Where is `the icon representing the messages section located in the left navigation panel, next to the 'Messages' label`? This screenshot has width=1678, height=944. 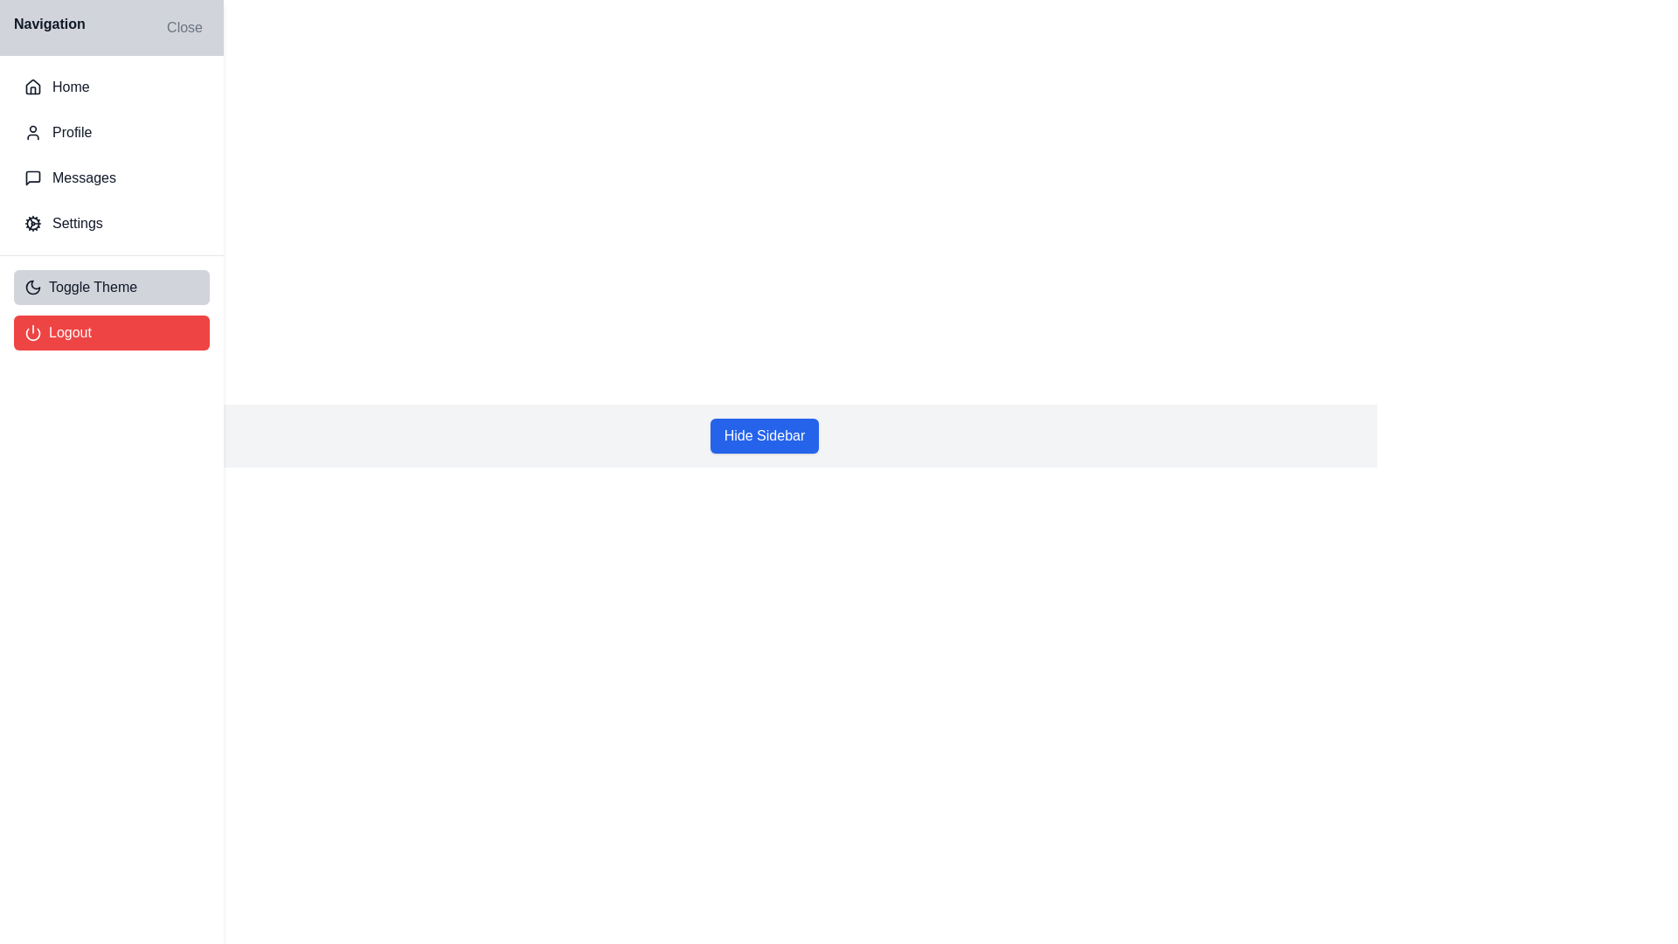 the icon representing the messages section located in the left navigation panel, next to the 'Messages' label is located at coordinates (33, 178).